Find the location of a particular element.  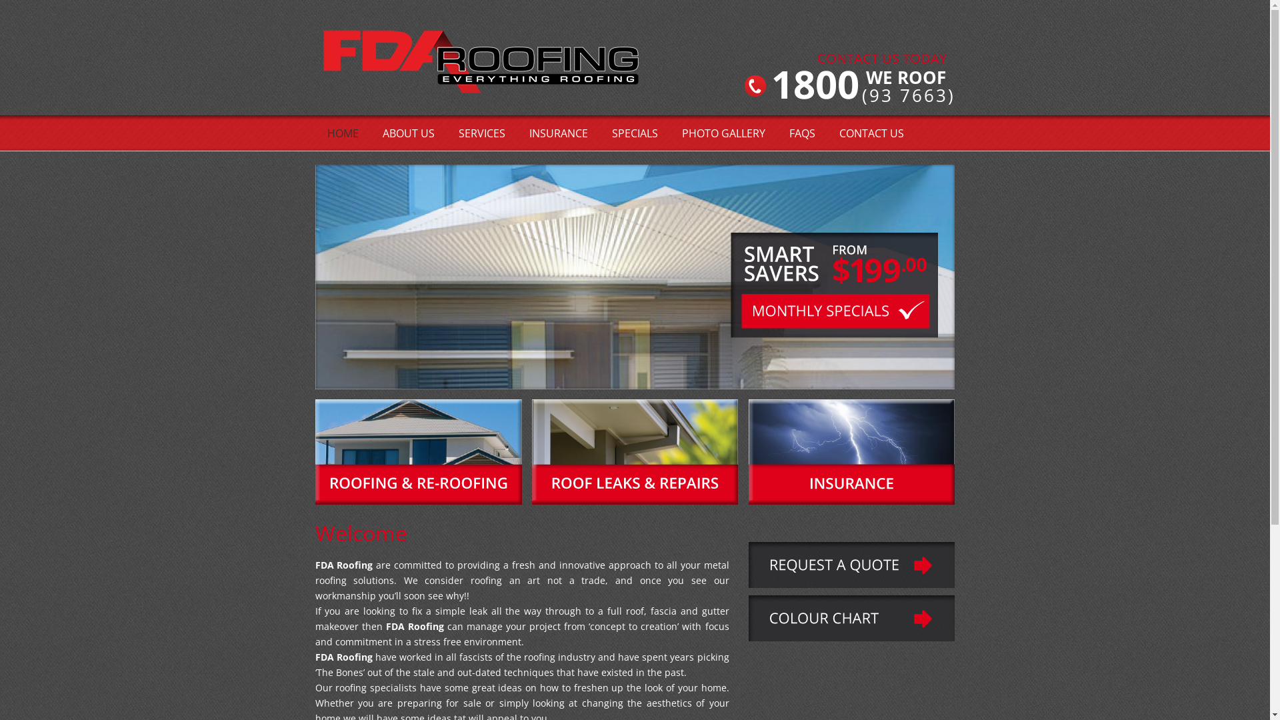

'ABOUT US' is located at coordinates (408, 133).